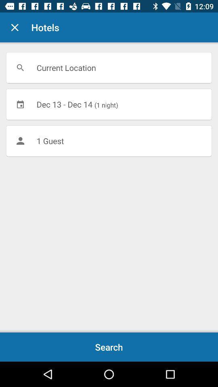 This screenshot has height=387, width=218. What do you see at coordinates (15, 27) in the screenshot?
I see `the item to the left of the hotels icon` at bounding box center [15, 27].